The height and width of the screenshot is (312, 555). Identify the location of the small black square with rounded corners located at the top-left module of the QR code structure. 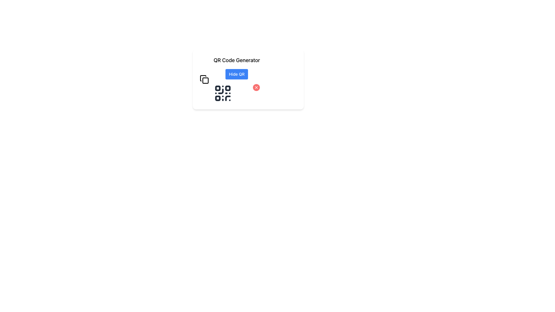
(217, 88).